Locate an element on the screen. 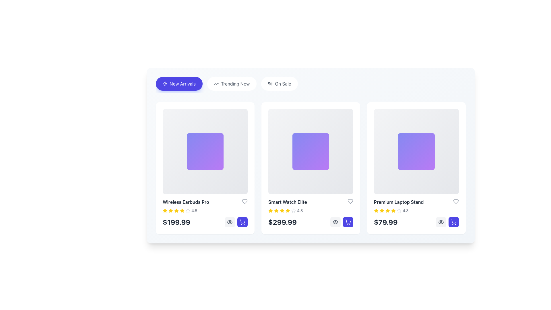 The image size is (551, 310). the indigo-colored circular button labeled 'Premium Laptop Stand' is located at coordinates (348, 222).